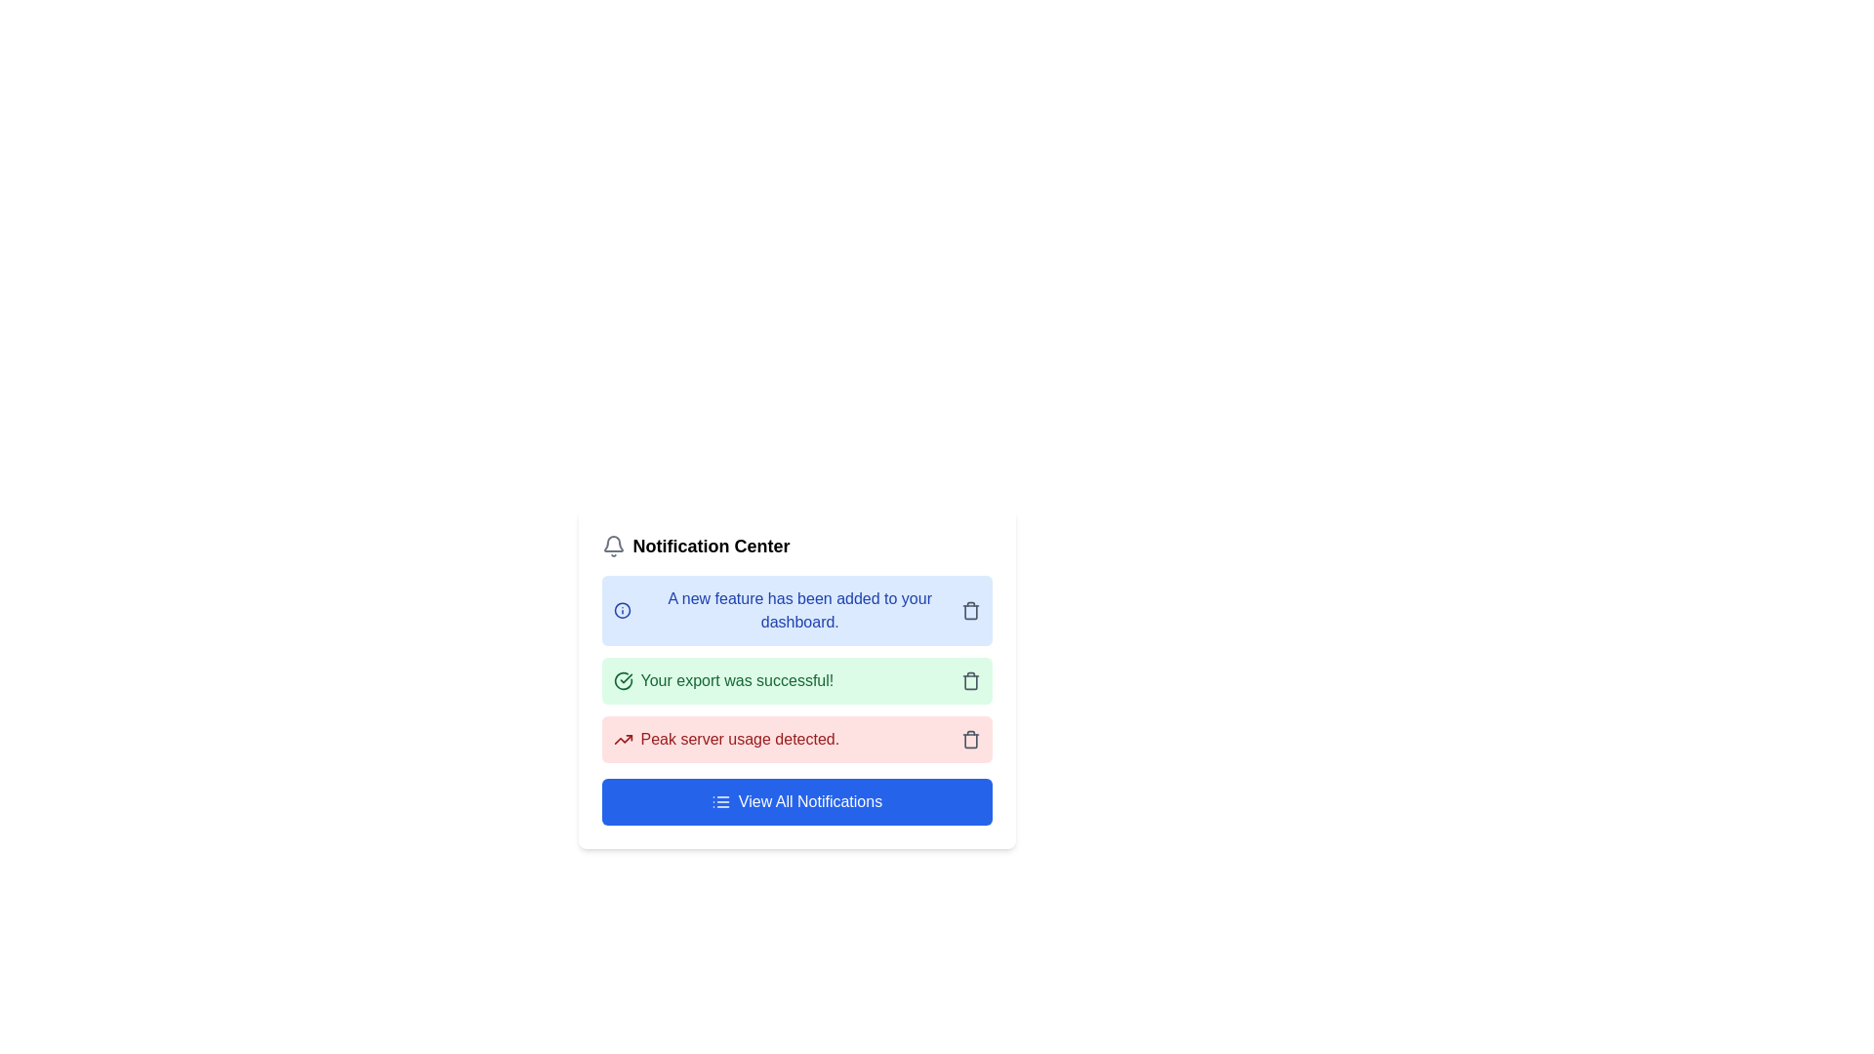 The width and height of the screenshot is (1874, 1054). Describe the element at coordinates (970, 609) in the screenshot. I see `the trash icon button on the right side of the notification message` at that location.